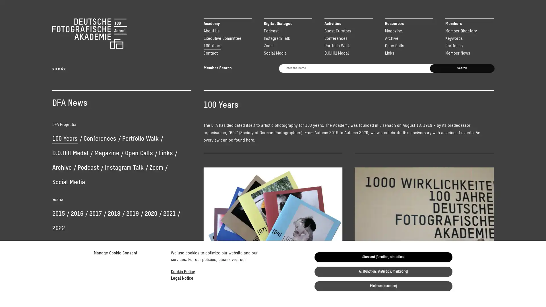 The image size is (546, 307). I want to click on 100 Years, so click(65, 139).